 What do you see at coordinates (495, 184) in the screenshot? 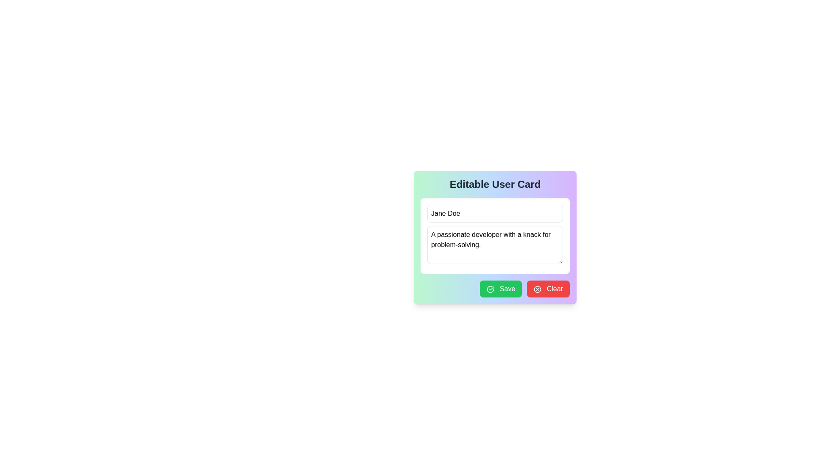
I see `the static text element that serves as the title for the user card, located at the top of the card component` at bounding box center [495, 184].